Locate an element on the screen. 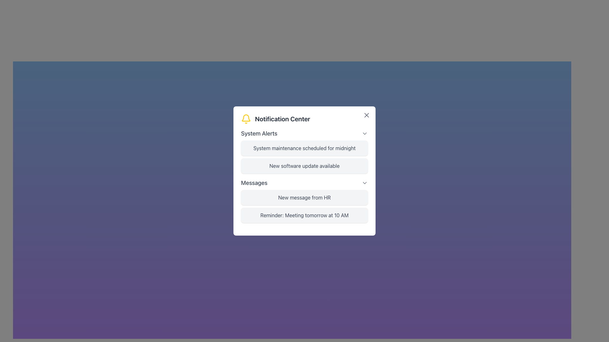 This screenshot has height=342, width=609. the reminder notification text box located under the 'Messages' section of the notification panel to trigger a background color change is located at coordinates (304, 215).